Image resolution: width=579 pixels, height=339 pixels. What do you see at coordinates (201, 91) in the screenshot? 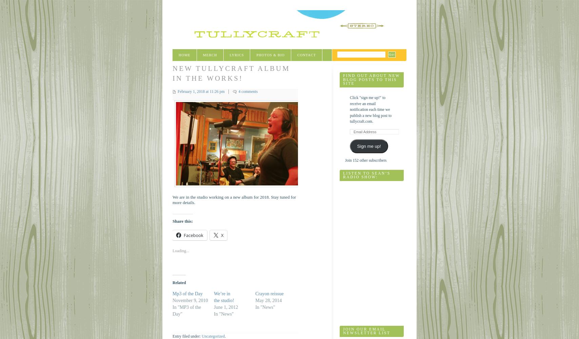
I see `'February 1, 2018 at 11:26 pm'` at bounding box center [201, 91].